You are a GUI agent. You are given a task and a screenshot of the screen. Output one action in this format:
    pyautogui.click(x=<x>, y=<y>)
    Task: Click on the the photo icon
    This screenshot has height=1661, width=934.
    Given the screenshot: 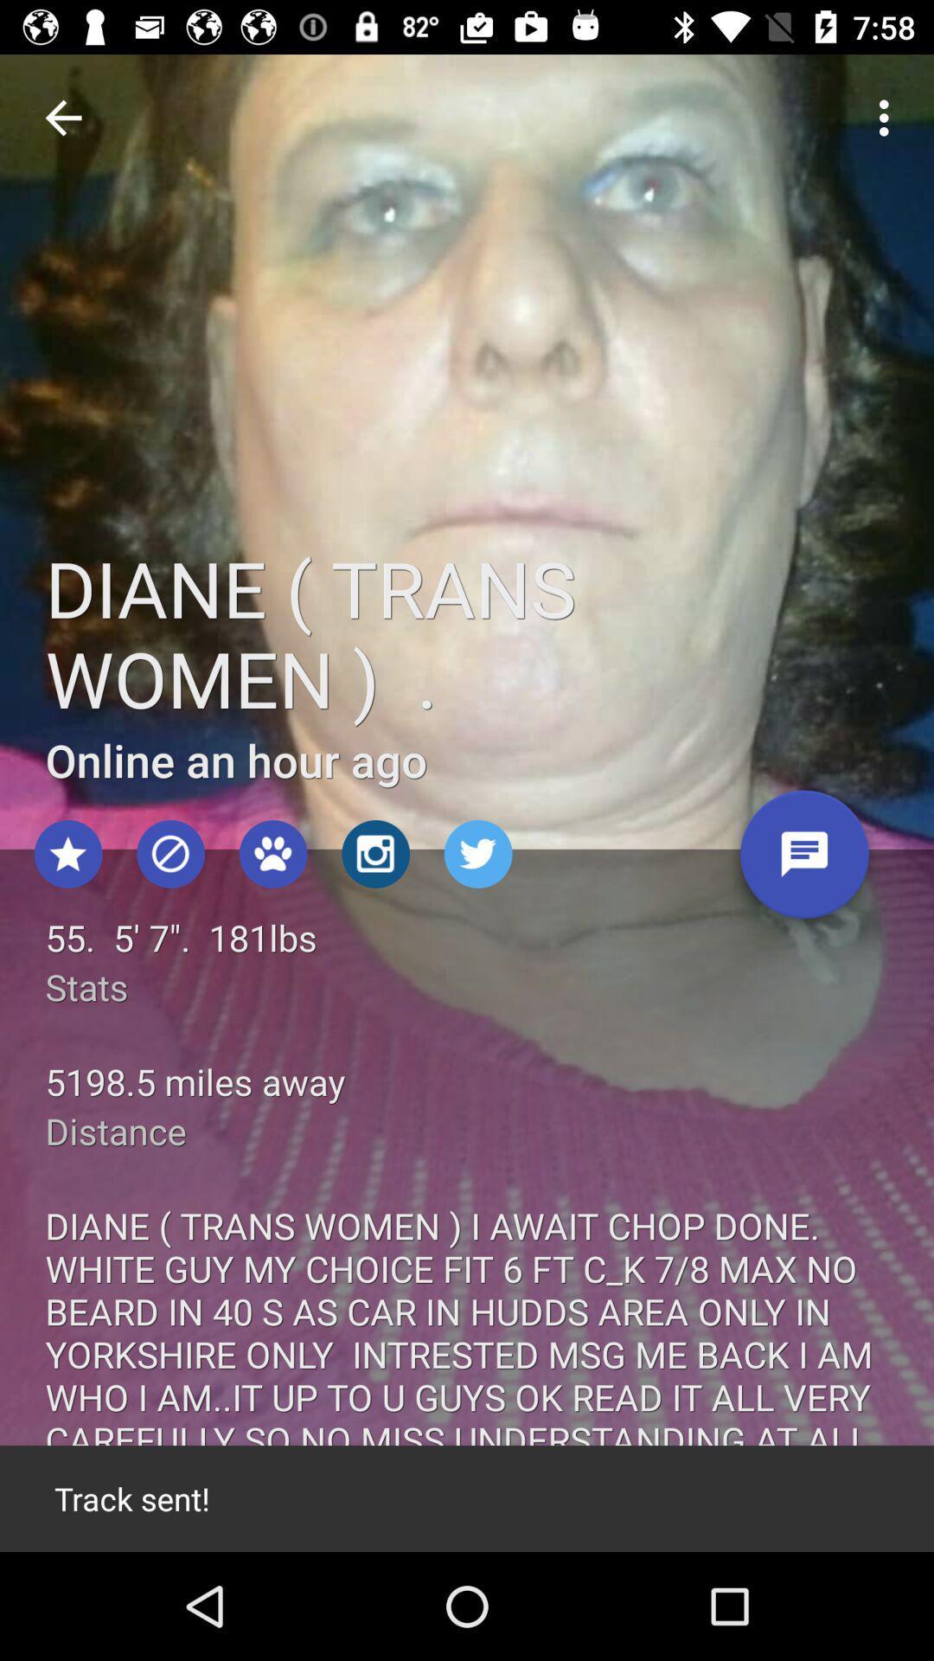 What is the action you would take?
    pyautogui.click(x=374, y=854)
    